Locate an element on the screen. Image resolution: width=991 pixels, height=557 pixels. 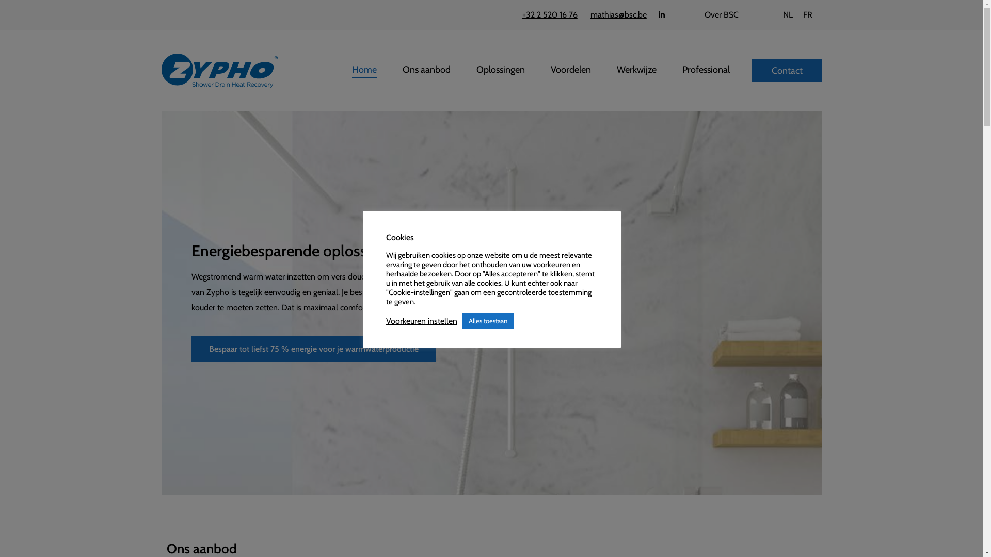
'NL' is located at coordinates (787, 15).